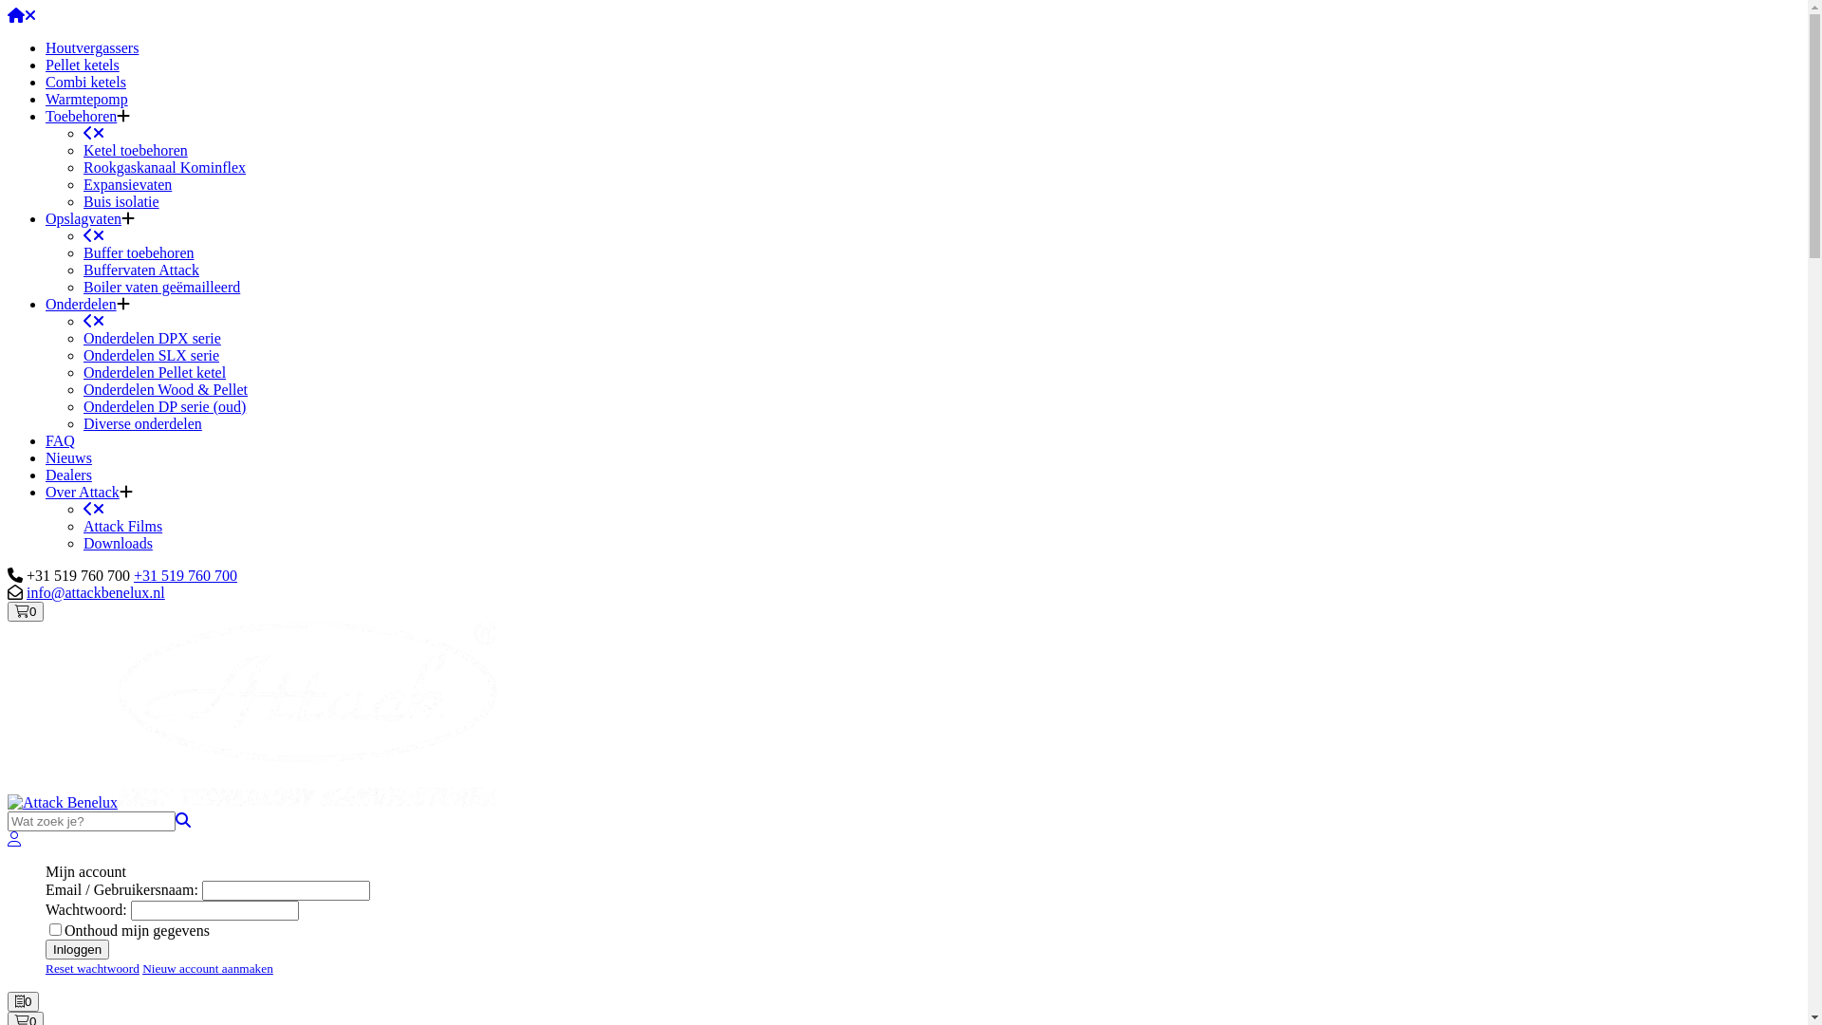 Image resolution: width=1822 pixels, height=1025 pixels. What do you see at coordinates (80, 116) in the screenshot?
I see `'Toebehoren'` at bounding box center [80, 116].